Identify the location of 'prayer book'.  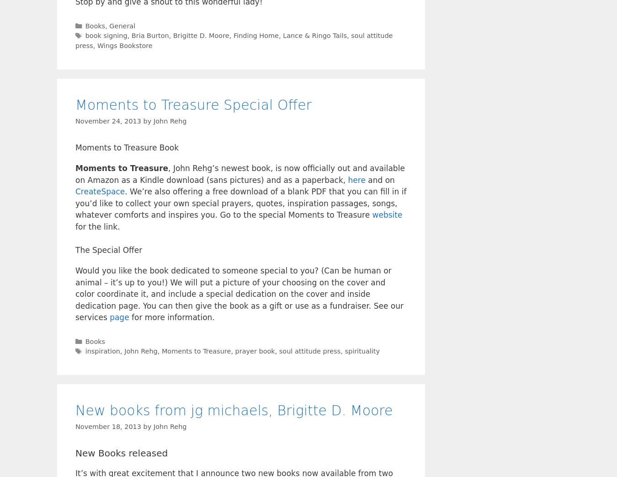
(254, 350).